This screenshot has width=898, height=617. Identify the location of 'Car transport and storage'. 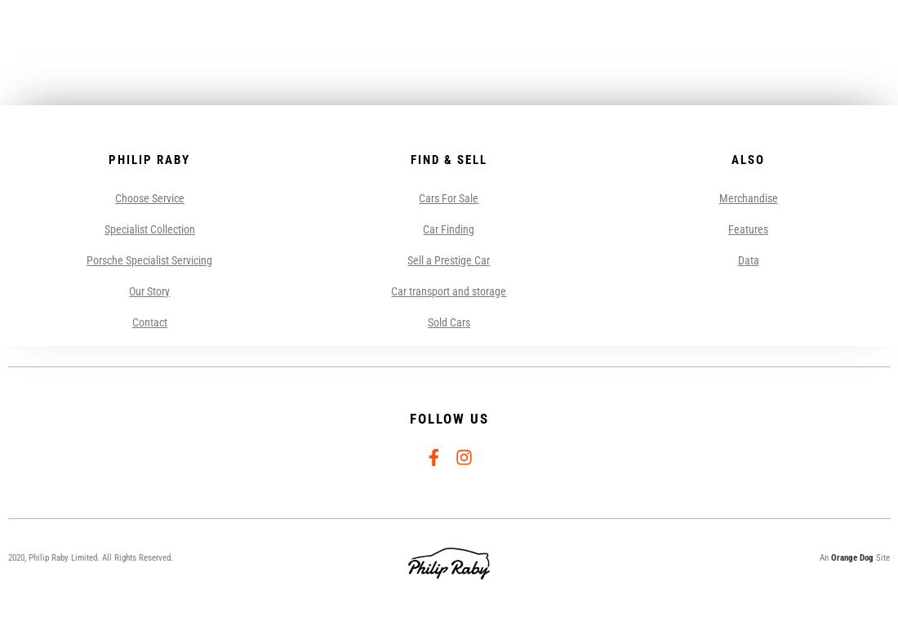
(448, 291).